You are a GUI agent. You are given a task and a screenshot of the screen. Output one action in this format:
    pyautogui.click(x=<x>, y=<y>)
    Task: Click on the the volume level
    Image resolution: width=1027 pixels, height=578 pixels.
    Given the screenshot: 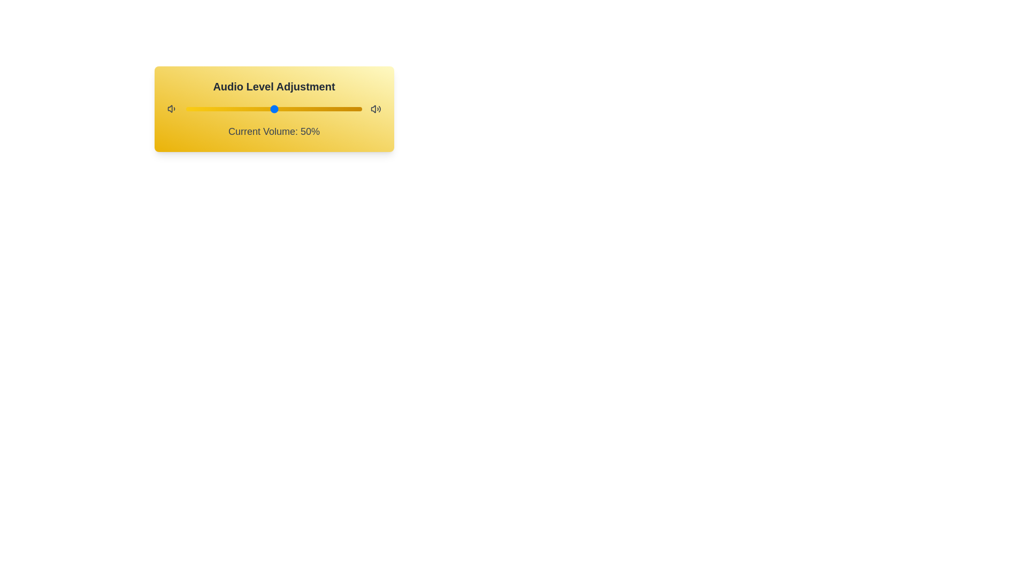 What is the action you would take?
    pyautogui.click(x=340, y=109)
    